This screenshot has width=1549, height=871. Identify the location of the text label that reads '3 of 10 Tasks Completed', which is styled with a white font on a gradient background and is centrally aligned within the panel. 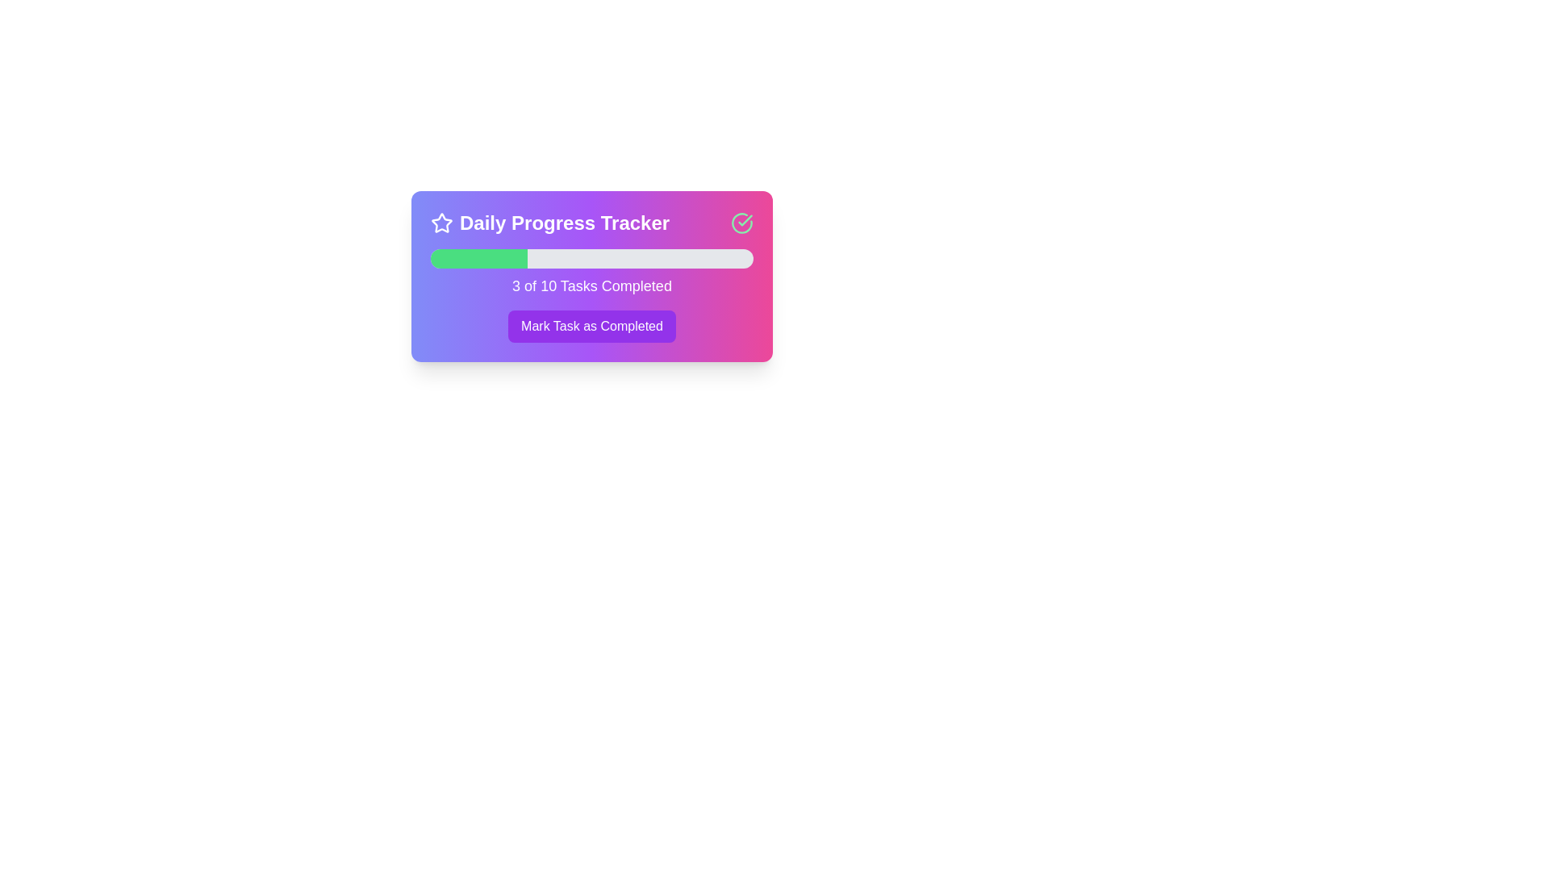
(591, 285).